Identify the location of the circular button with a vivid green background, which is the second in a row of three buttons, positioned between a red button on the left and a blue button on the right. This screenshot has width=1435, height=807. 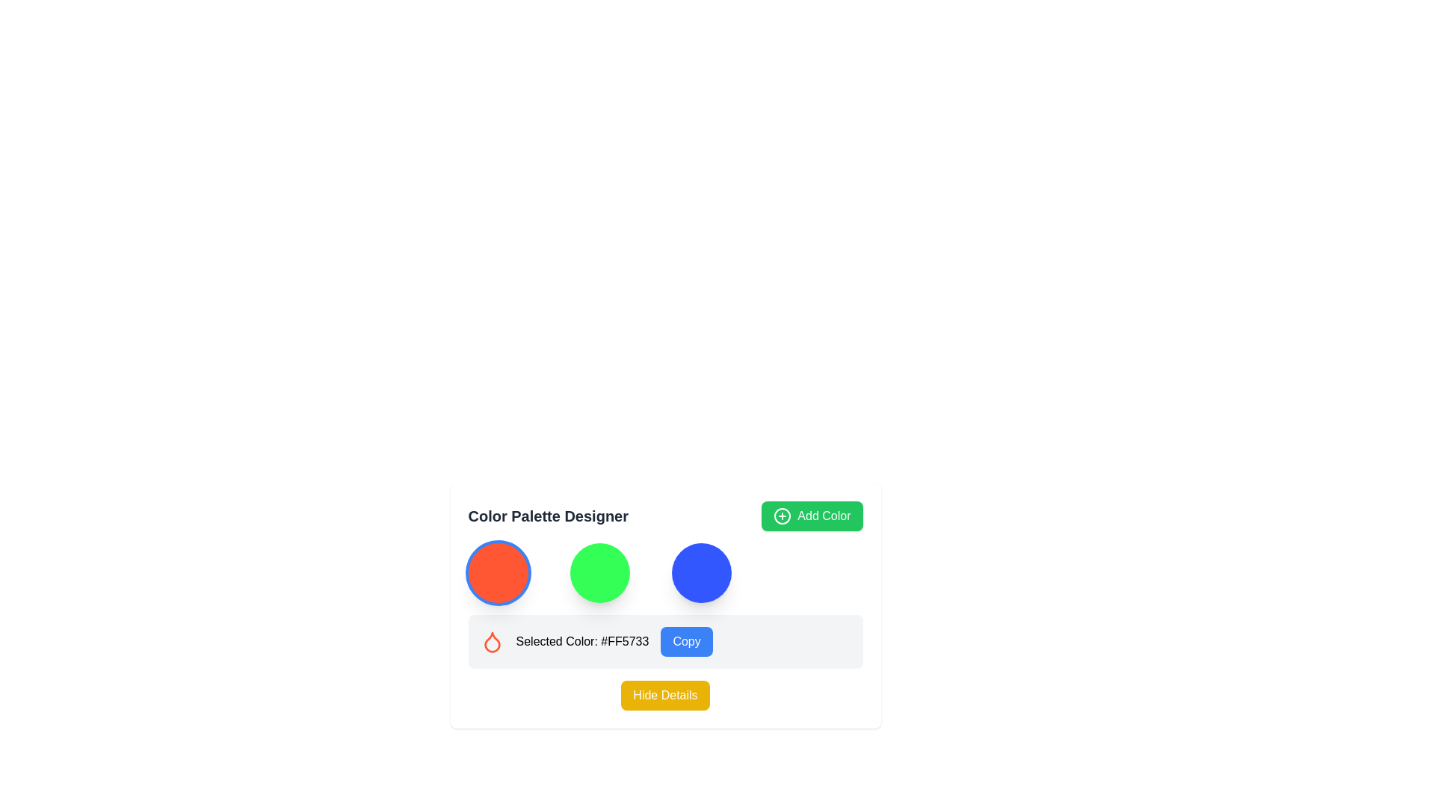
(599, 572).